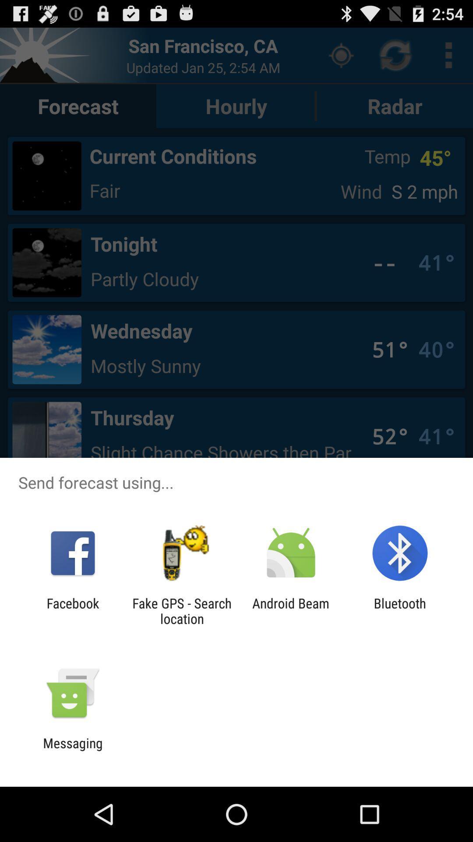 This screenshot has width=473, height=842. I want to click on app to the left of fake gps search, so click(72, 610).